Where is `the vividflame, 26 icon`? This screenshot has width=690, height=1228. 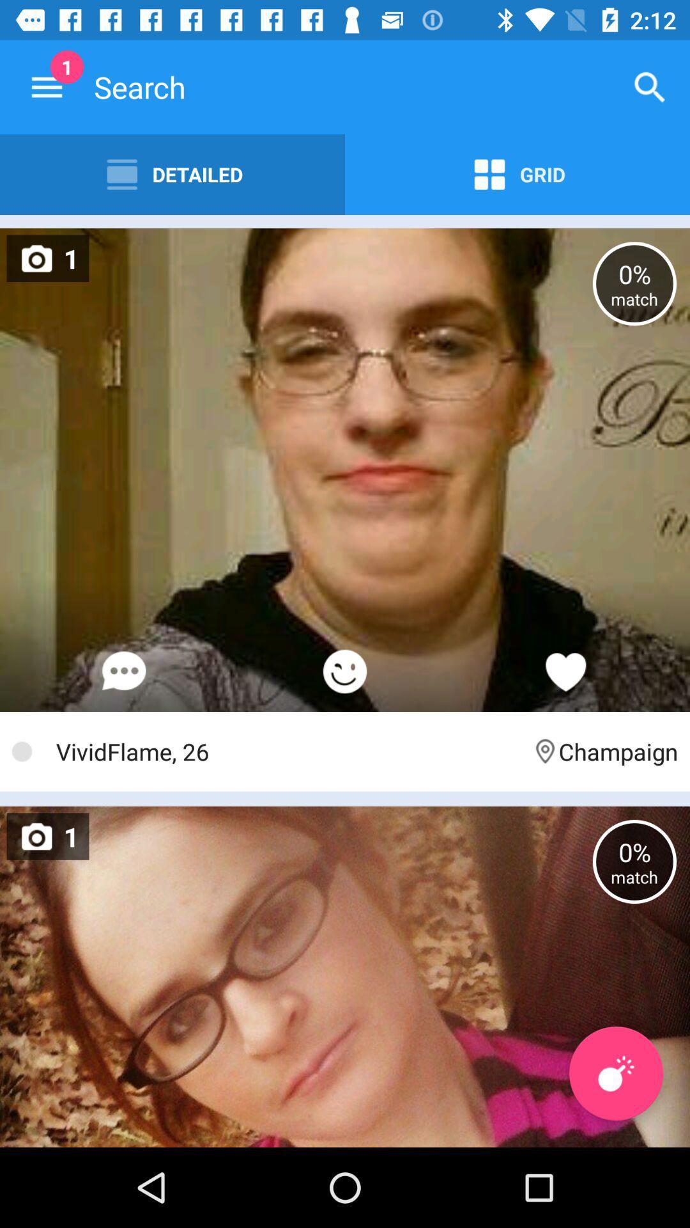 the vividflame, 26 icon is located at coordinates (287, 752).